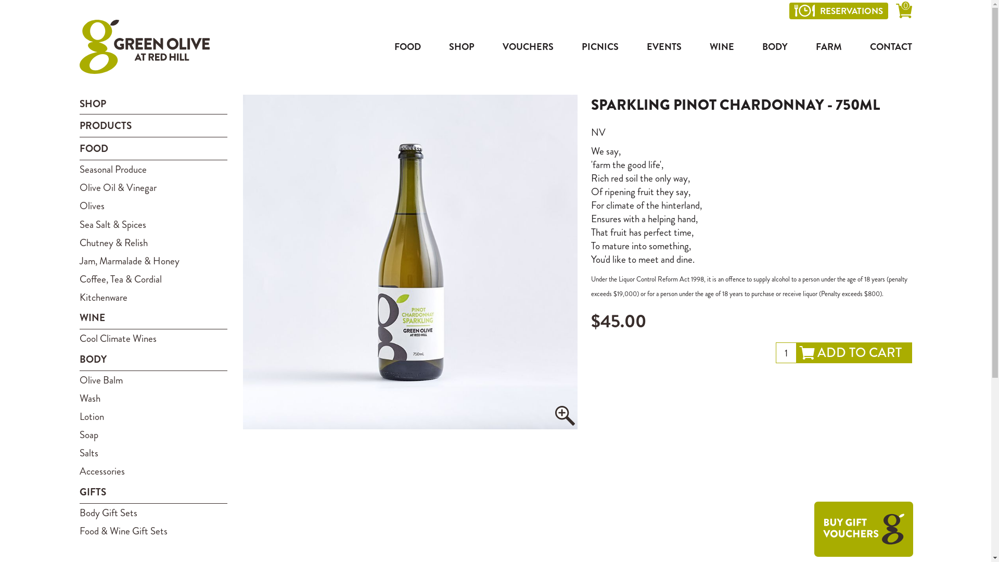  Describe the element at coordinates (152, 512) in the screenshot. I see `'Body Gift Sets'` at that location.